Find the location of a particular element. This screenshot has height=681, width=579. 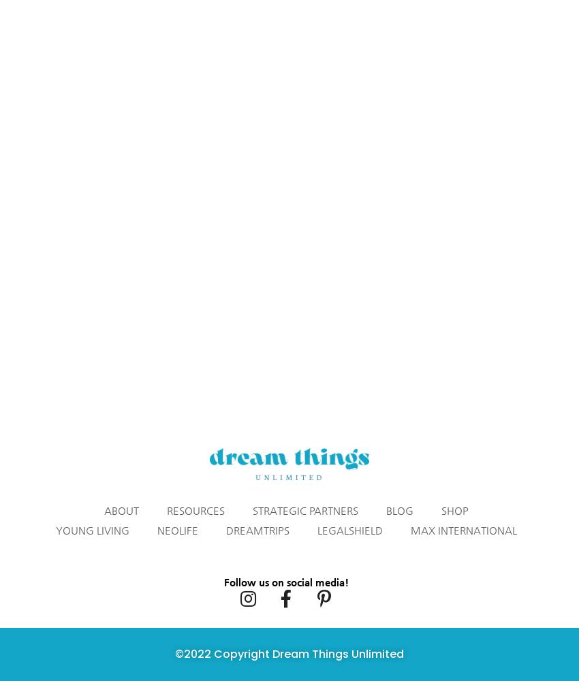

'DreamTrips' is located at coordinates (225, 530).